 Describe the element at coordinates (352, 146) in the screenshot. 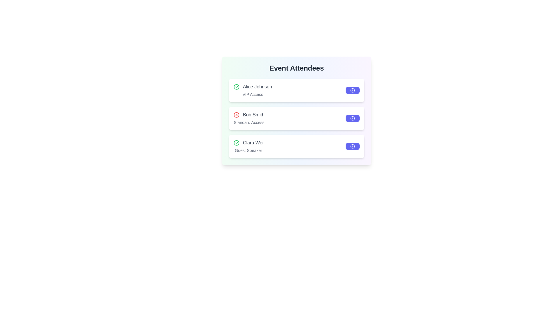

I see `the 'info' button for Clara Wei to view their details` at that location.